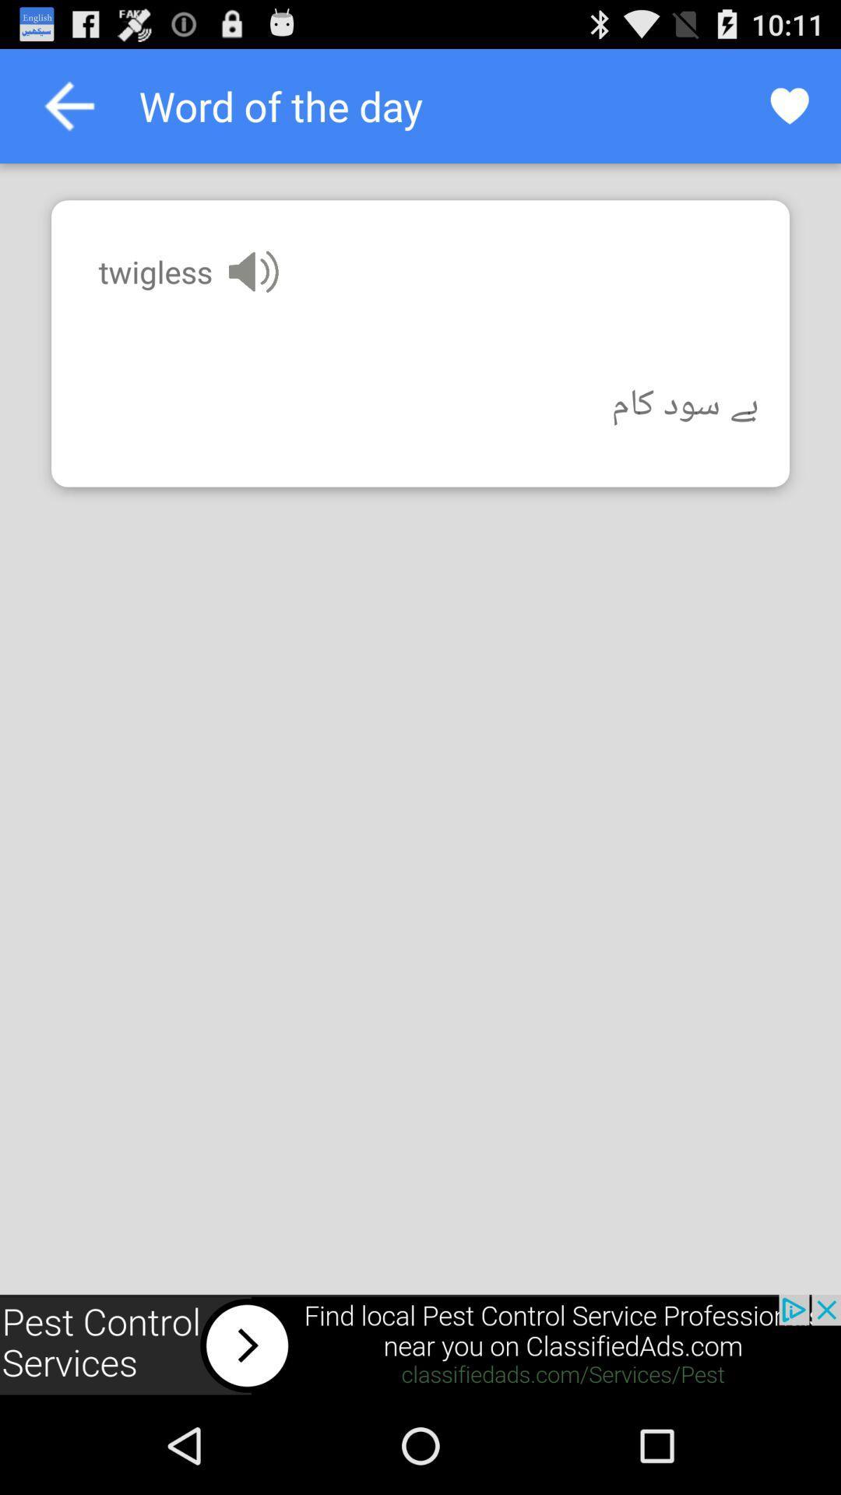 This screenshot has height=1495, width=841. I want to click on audio, so click(252, 272).